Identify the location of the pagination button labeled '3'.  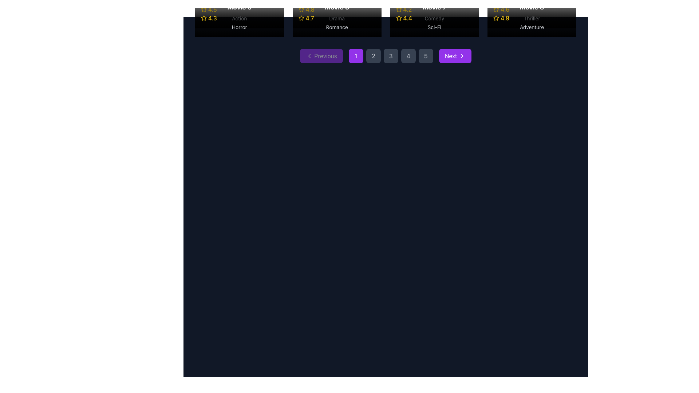
(390, 56).